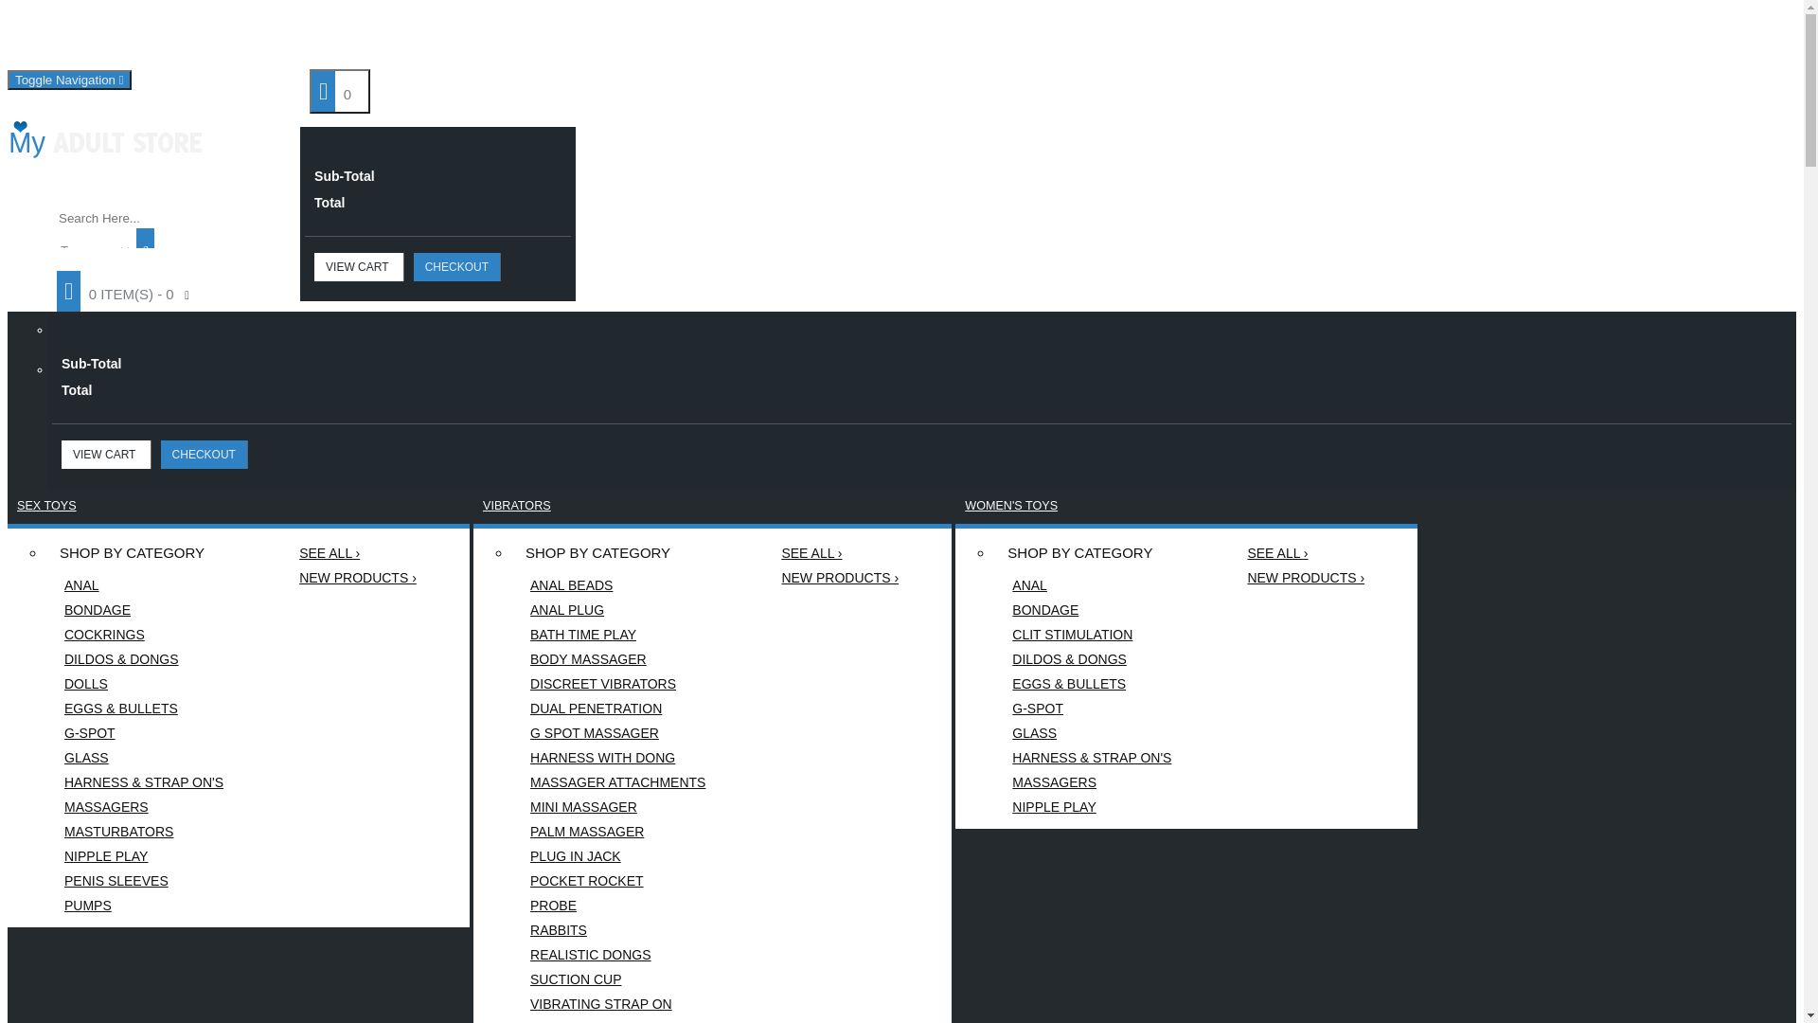  I want to click on 'BODY MASSAGER', so click(617, 657).